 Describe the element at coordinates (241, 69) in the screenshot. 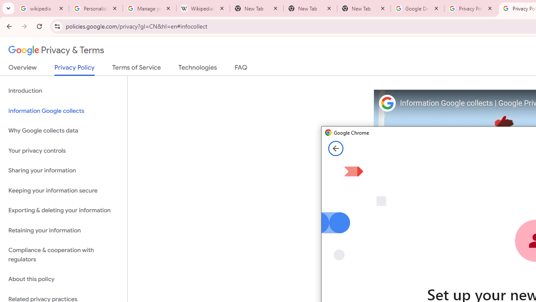

I see `'FAQ'` at that location.